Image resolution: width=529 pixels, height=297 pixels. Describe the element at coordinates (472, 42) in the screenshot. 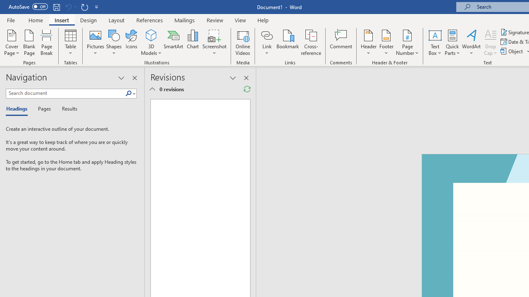

I see `'WordArt'` at that location.